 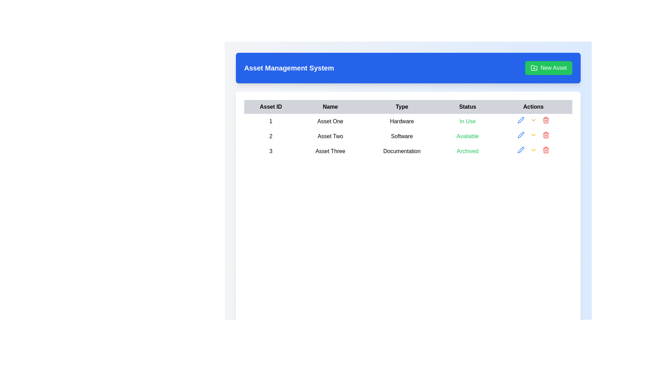 I want to click on the table cell in the 'Type' column of the second row, which indicates the asset type for 'Asset Two', so click(x=402, y=136).